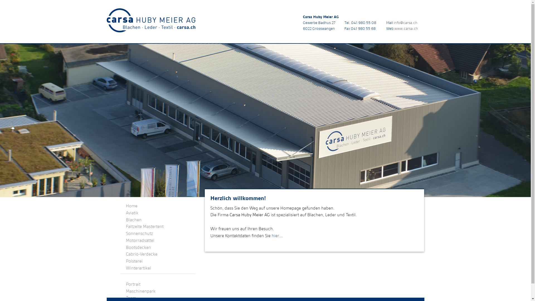  Describe the element at coordinates (132, 213) in the screenshot. I see `'Aviatik'` at that location.